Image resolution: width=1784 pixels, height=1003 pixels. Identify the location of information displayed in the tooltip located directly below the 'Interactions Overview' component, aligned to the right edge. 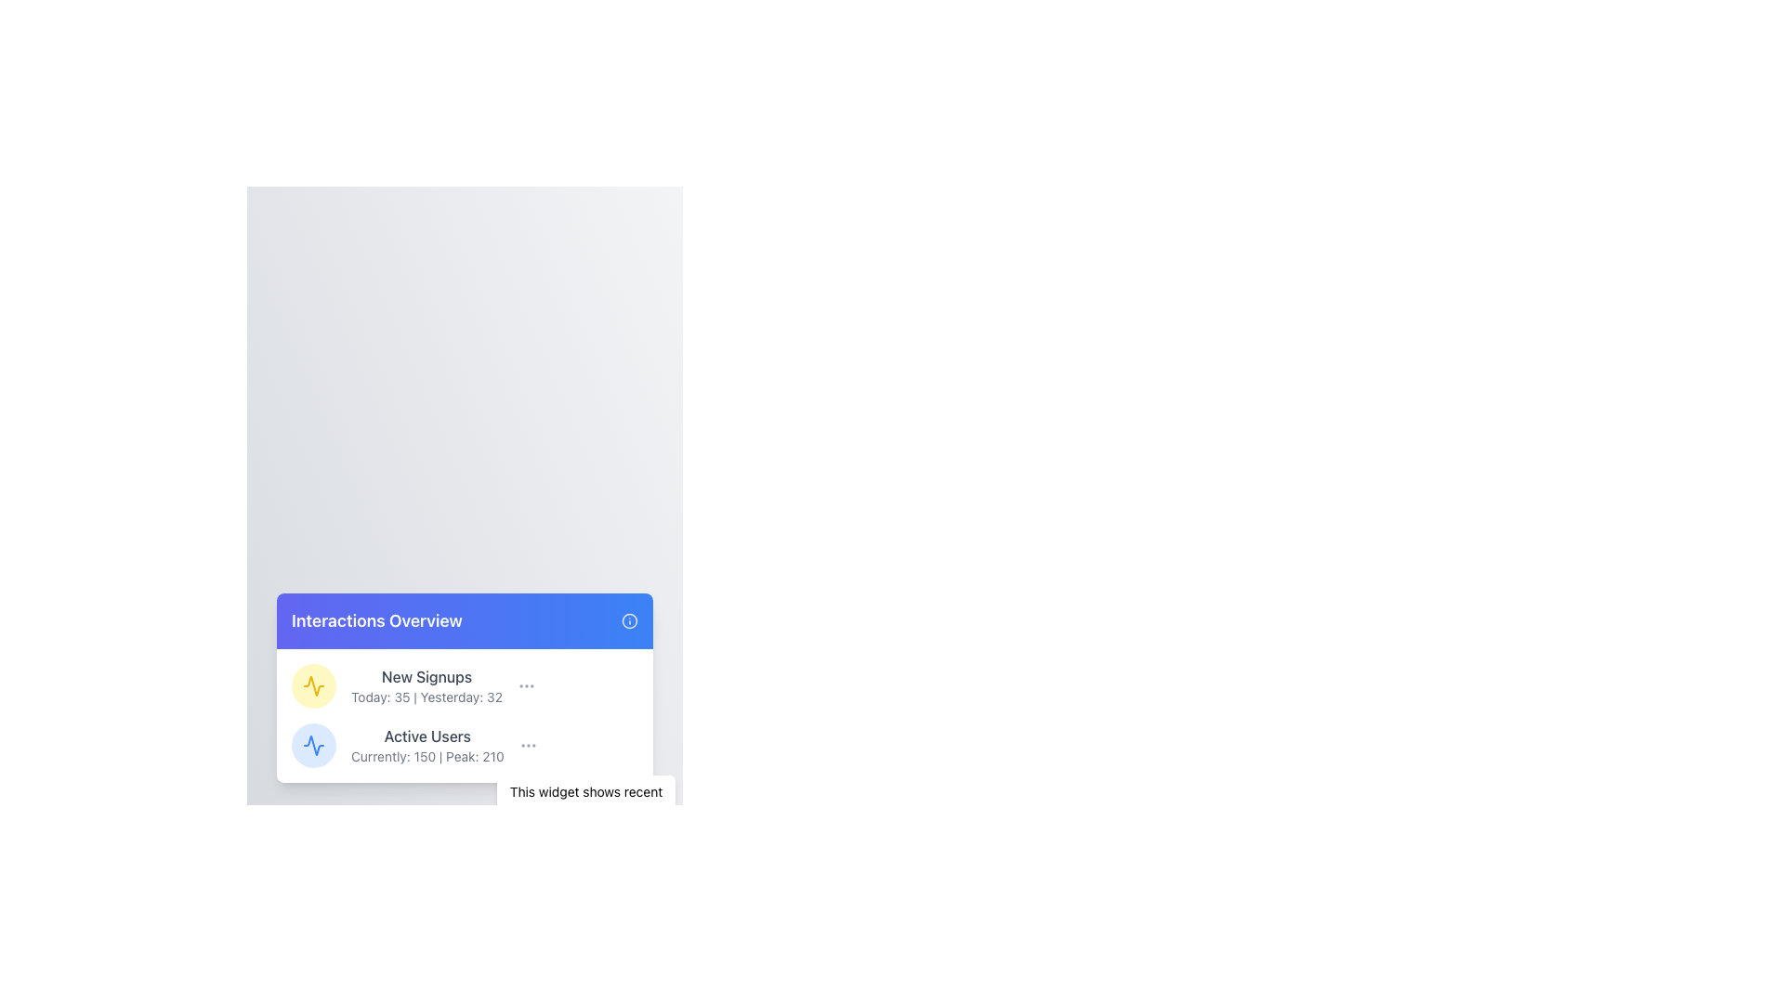
(584, 801).